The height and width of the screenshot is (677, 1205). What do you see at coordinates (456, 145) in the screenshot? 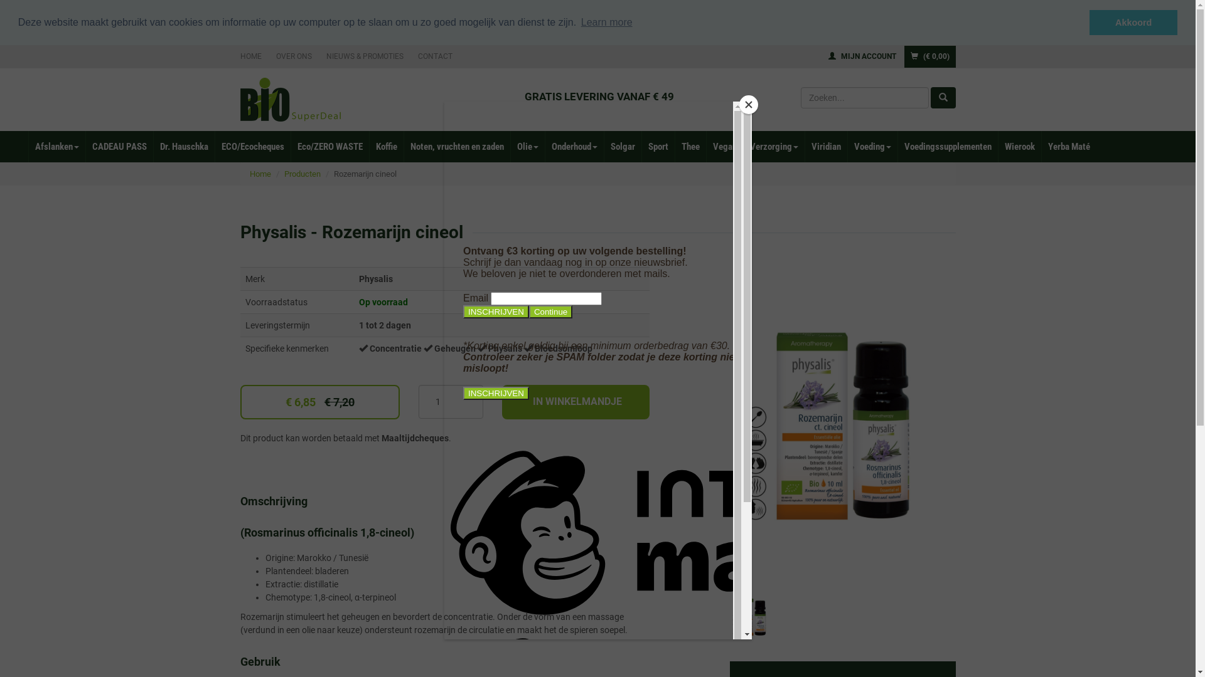
I see `'Noten, vruchten en zaden'` at bounding box center [456, 145].